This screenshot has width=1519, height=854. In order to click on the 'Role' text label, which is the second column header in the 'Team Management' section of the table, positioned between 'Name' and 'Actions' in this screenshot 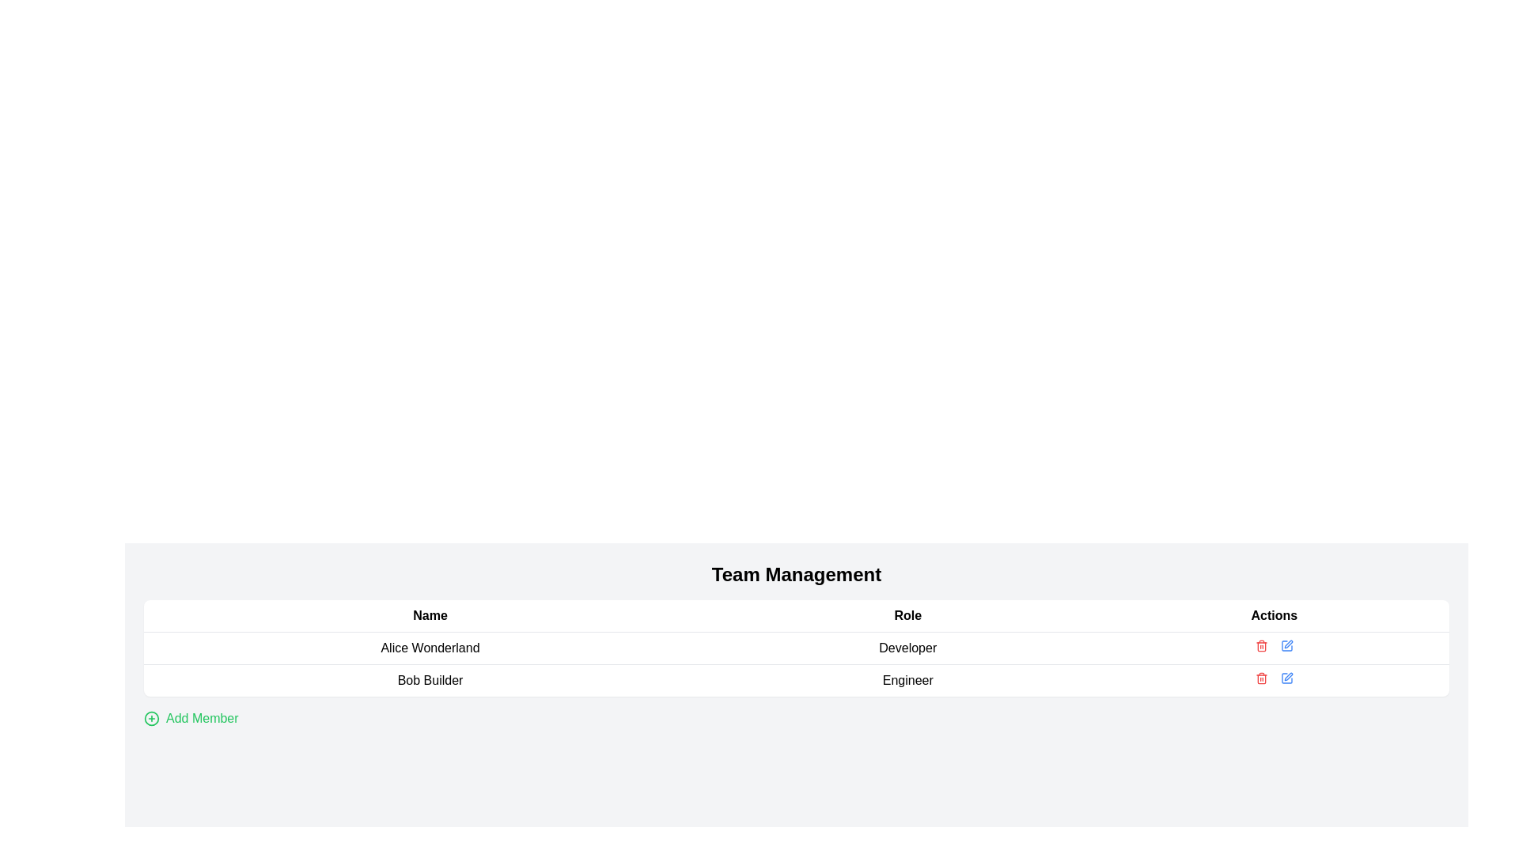, I will do `click(907, 615)`.